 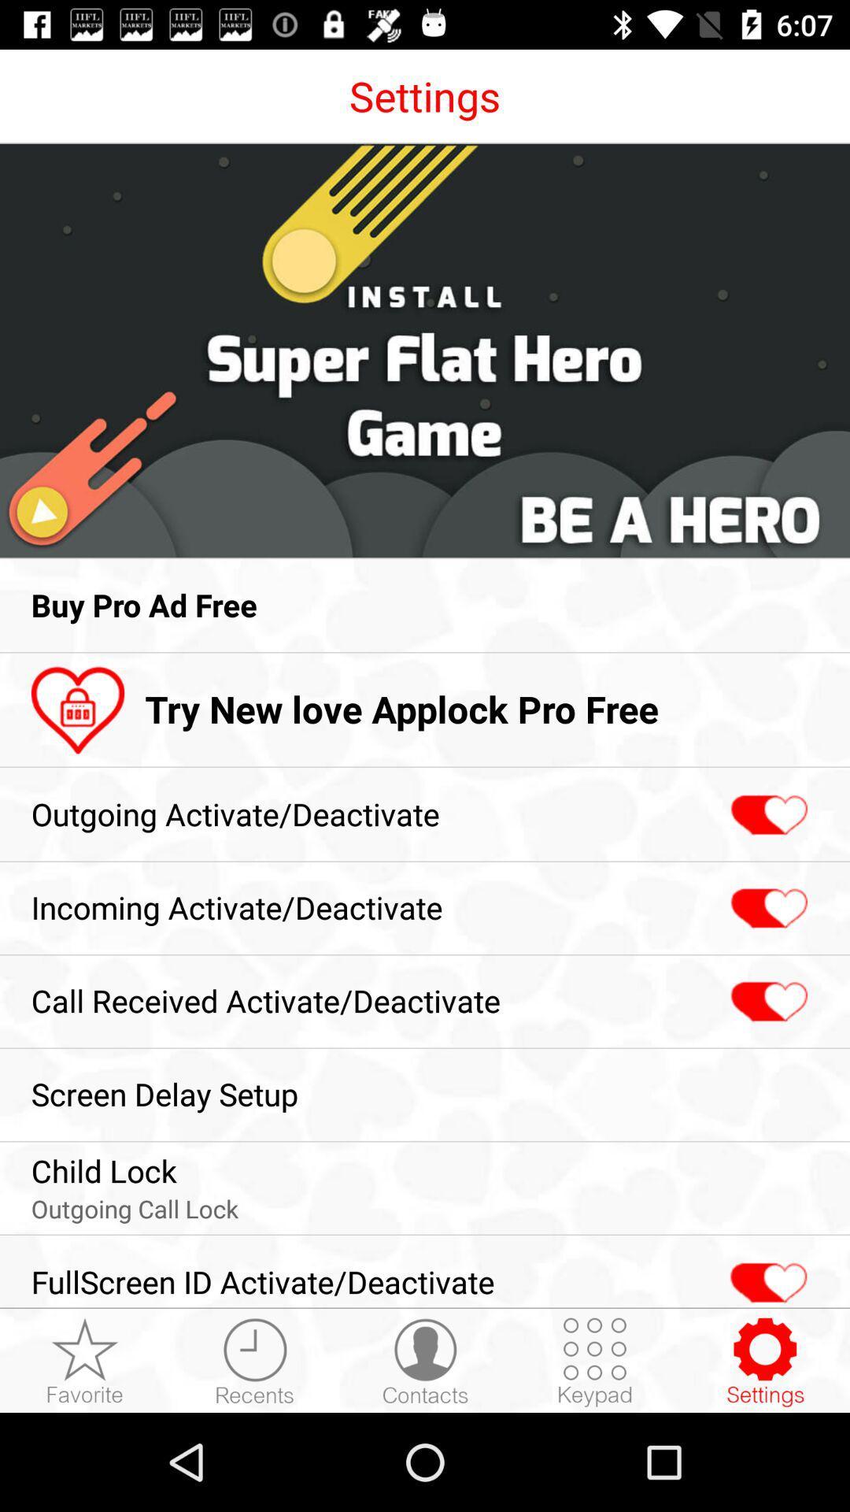 I want to click on the icon next to the call received activate item, so click(x=767, y=1001).